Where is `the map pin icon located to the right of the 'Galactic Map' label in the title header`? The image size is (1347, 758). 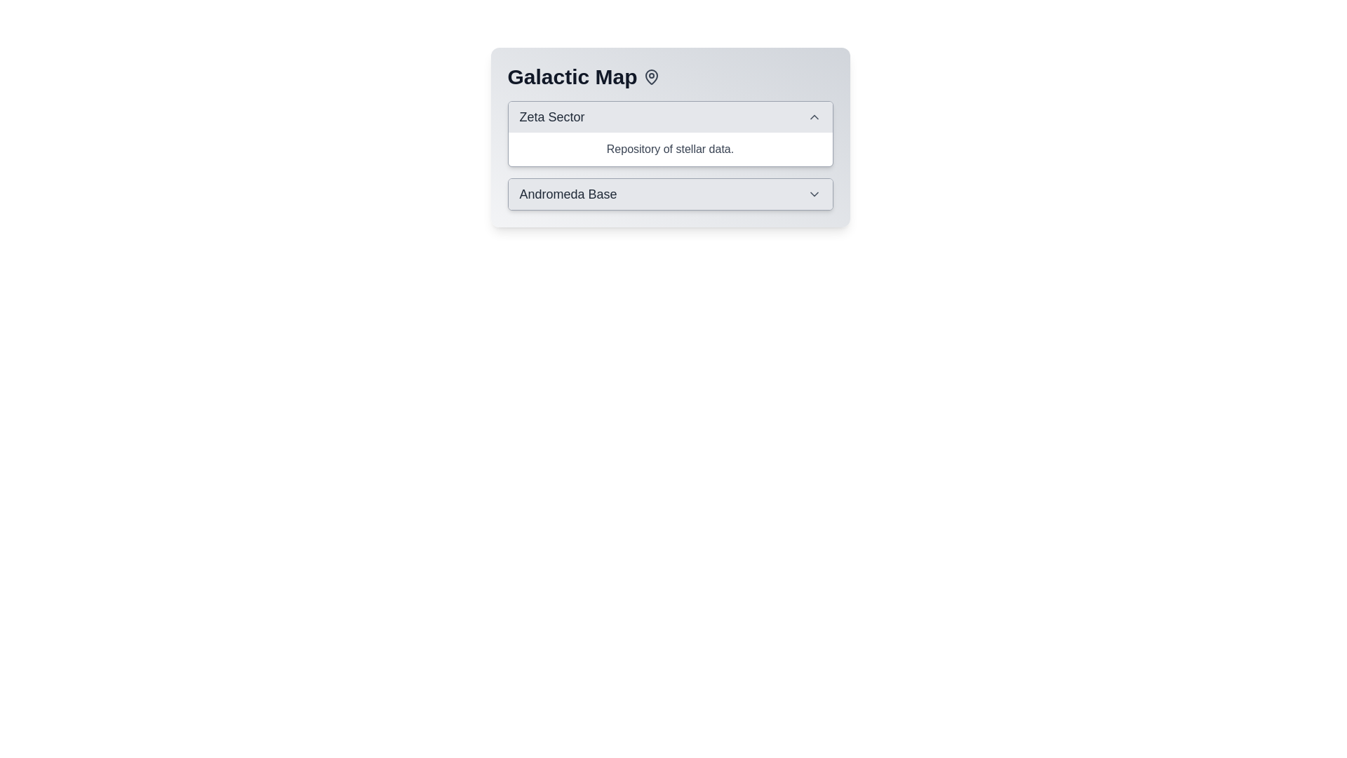
the map pin icon located to the right of the 'Galactic Map' label in the title header is located at coordinates (650, 77).